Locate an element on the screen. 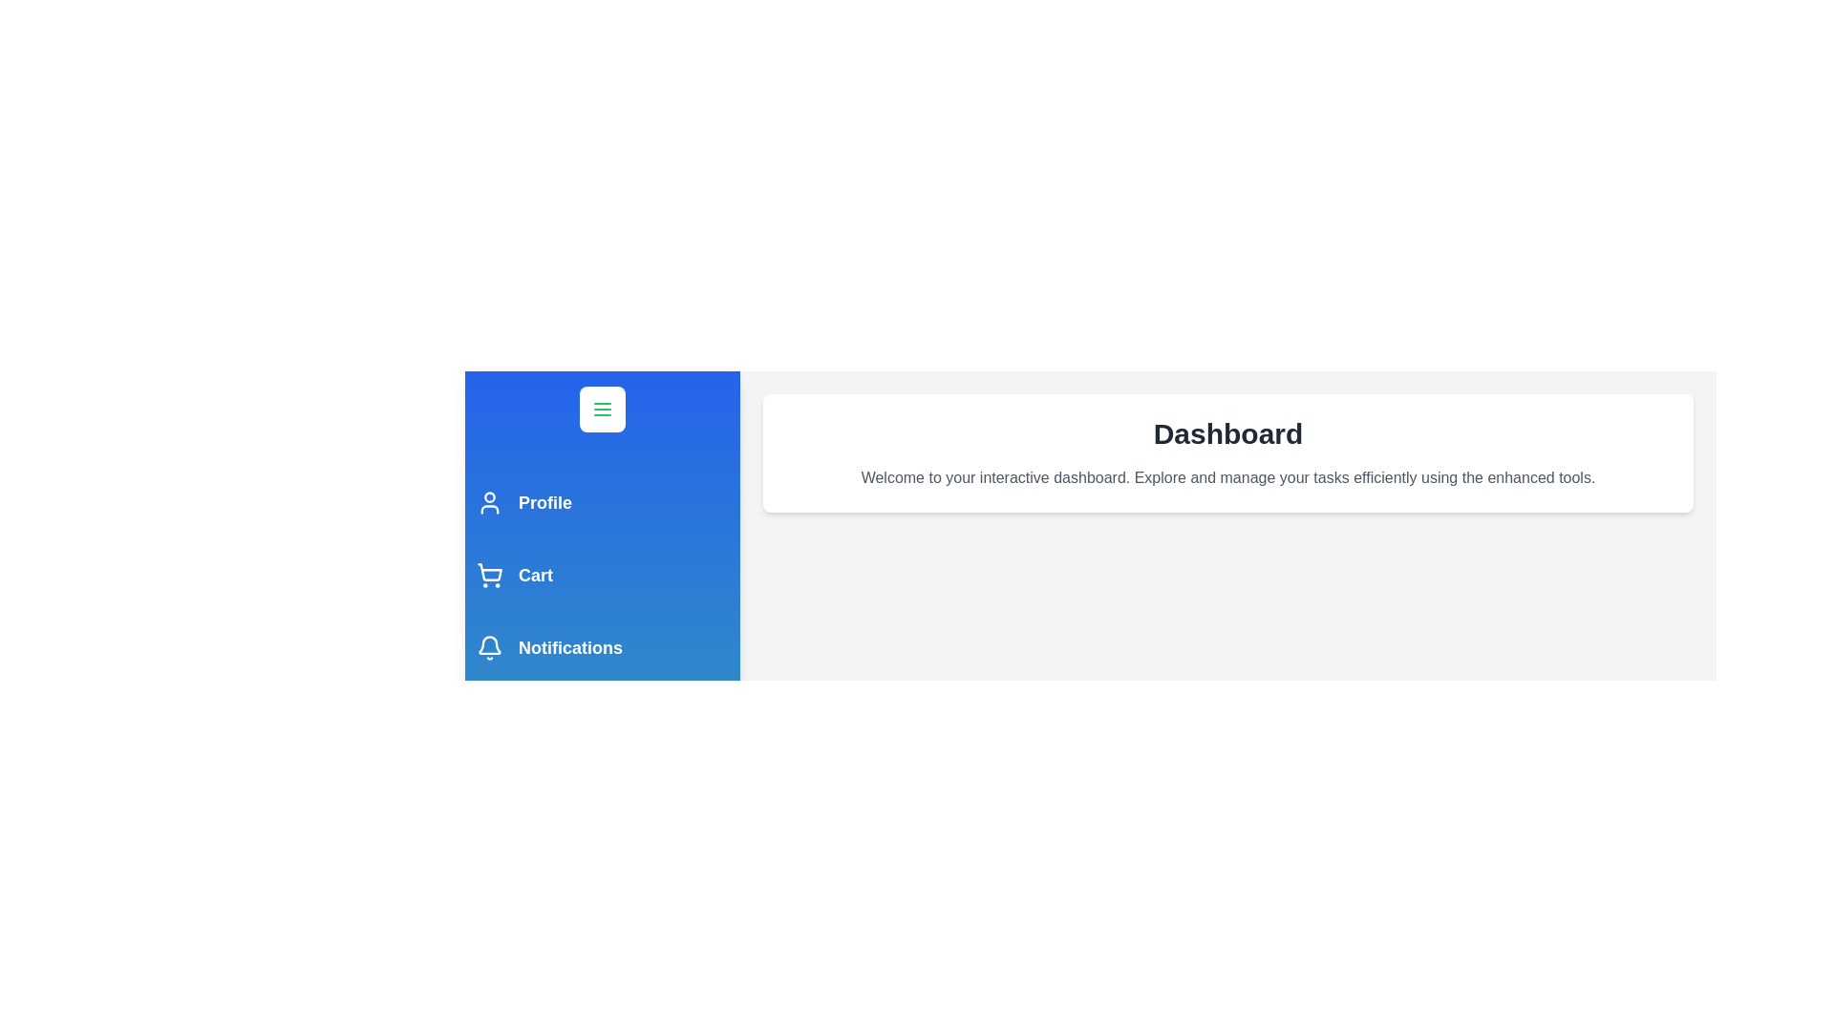 The image size is (1834, 1031). the navigation item Profile to navigate to the respective section is located at coordinates (601, 502).